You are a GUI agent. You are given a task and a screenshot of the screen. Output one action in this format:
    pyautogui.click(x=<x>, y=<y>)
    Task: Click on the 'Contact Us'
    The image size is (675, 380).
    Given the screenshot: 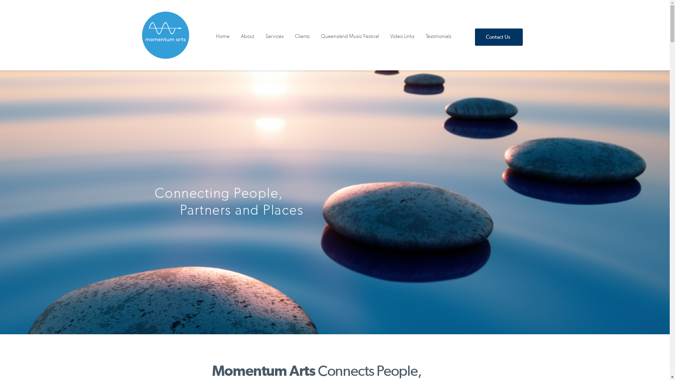 What is the action you would take?
    pyautogui.click(x=475, y=37)
    